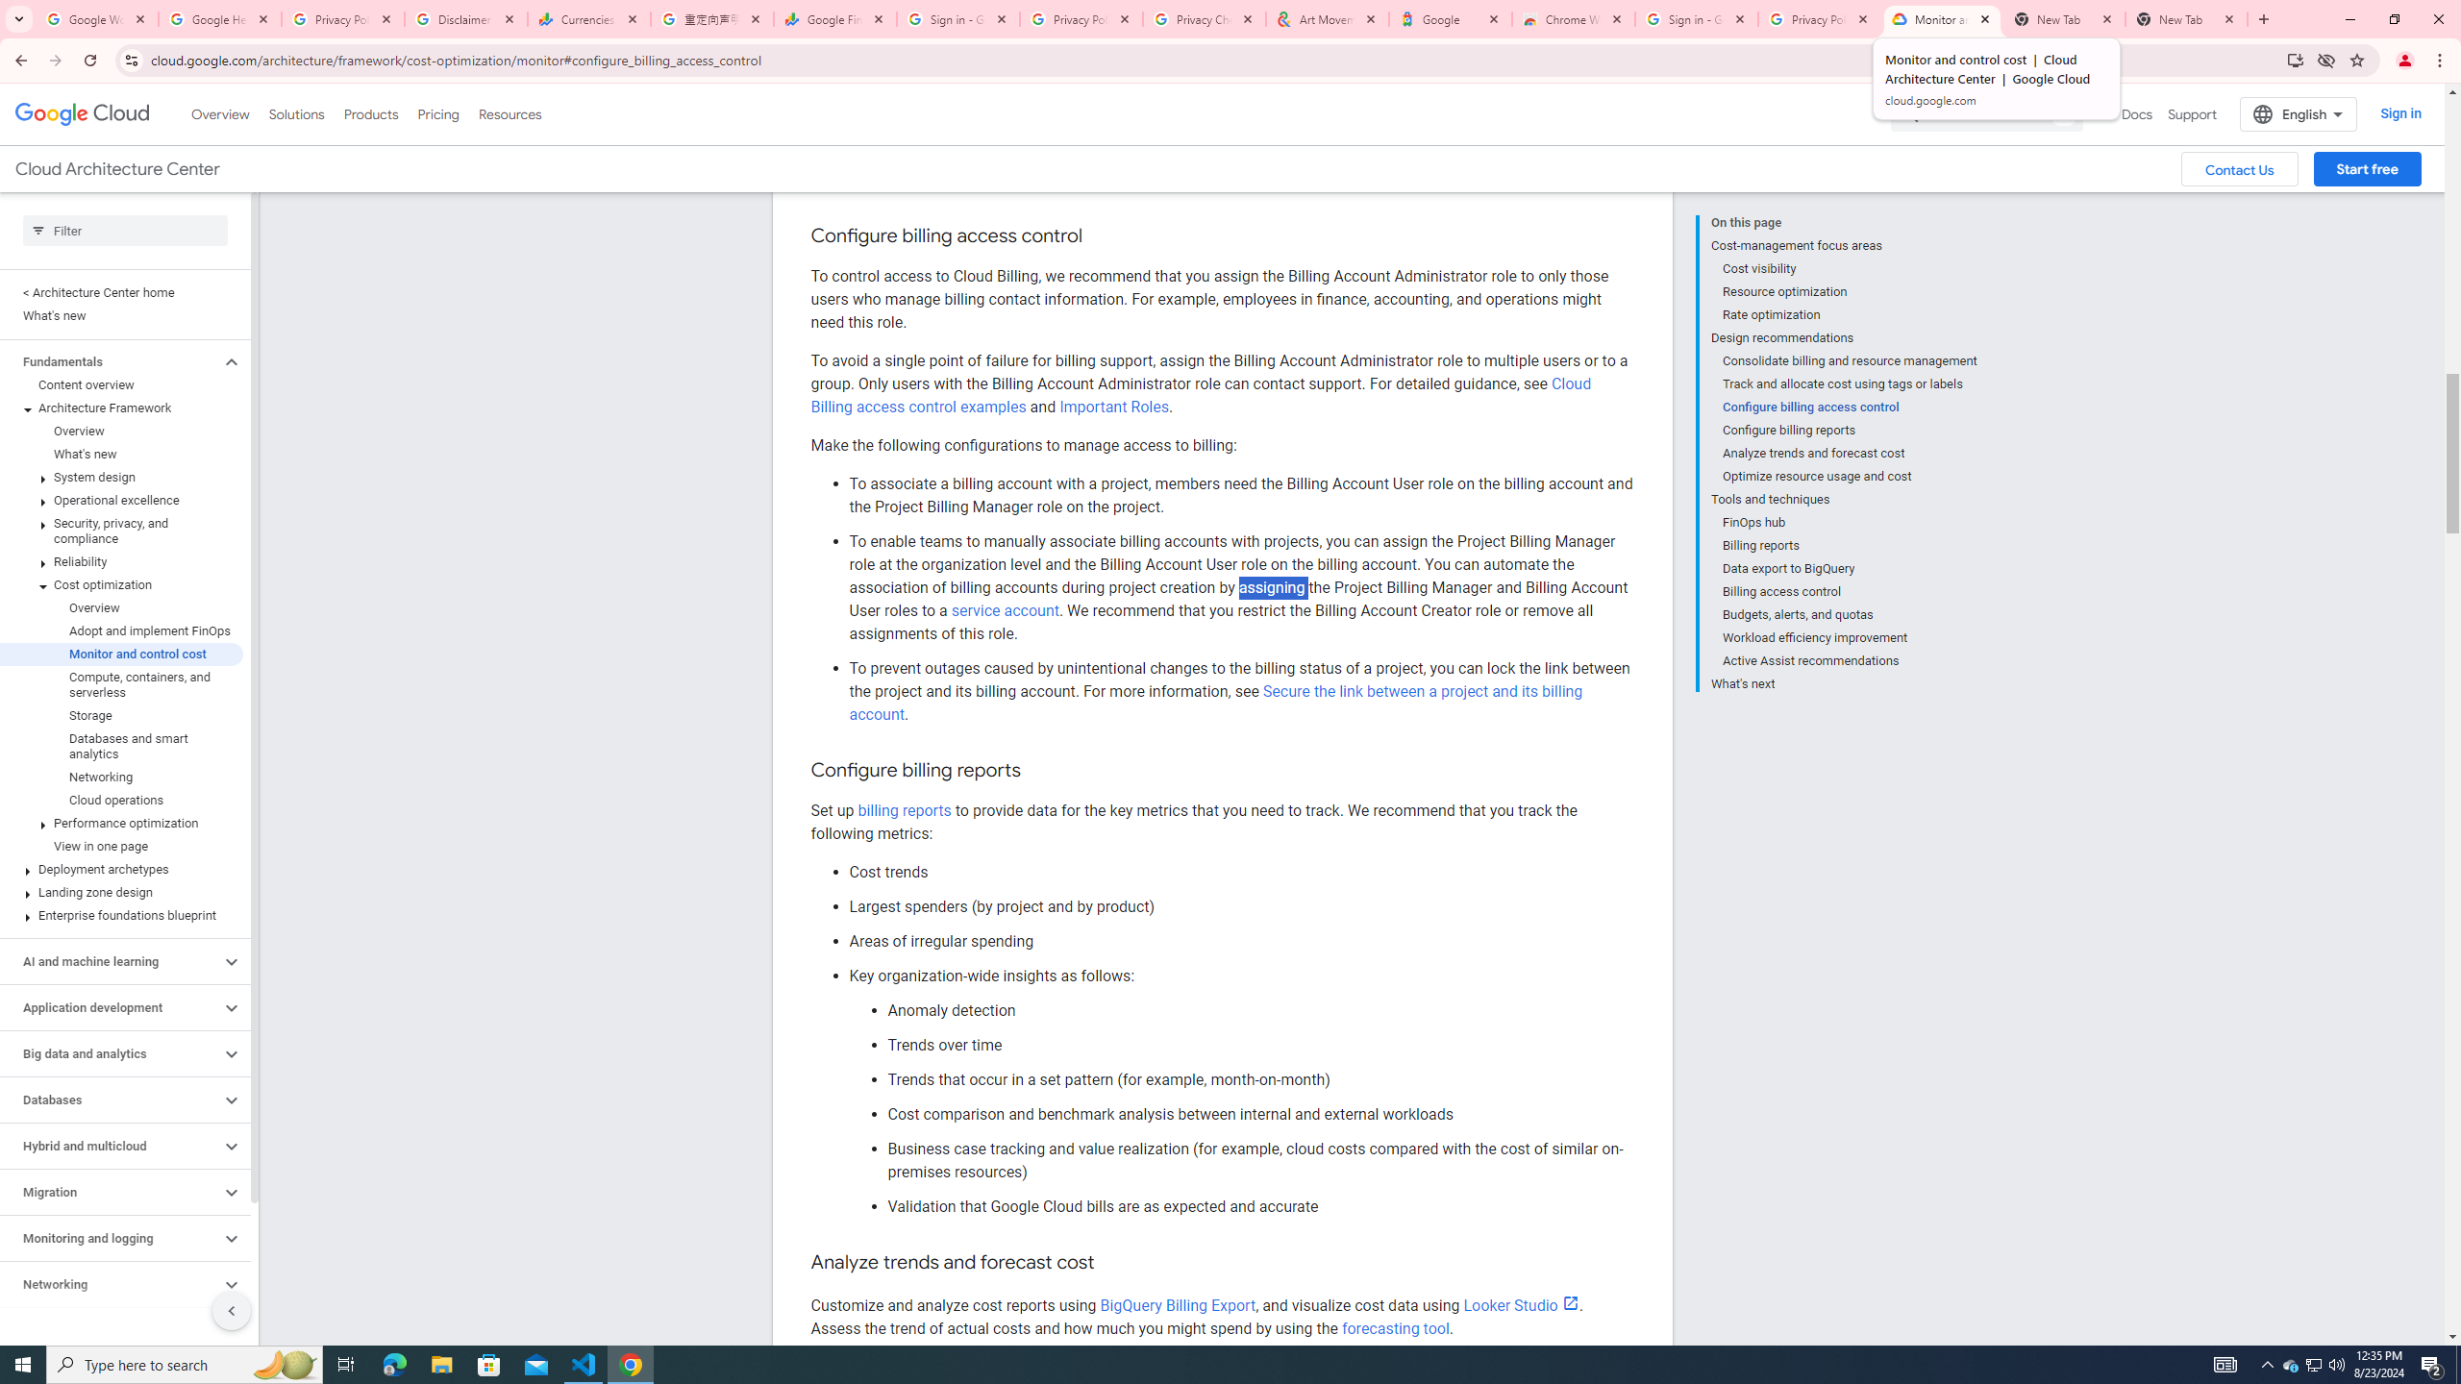  What do you see at coordinates (121, 476) in the screenshot?
I see `'System design'` at bounding box center [121, 476].